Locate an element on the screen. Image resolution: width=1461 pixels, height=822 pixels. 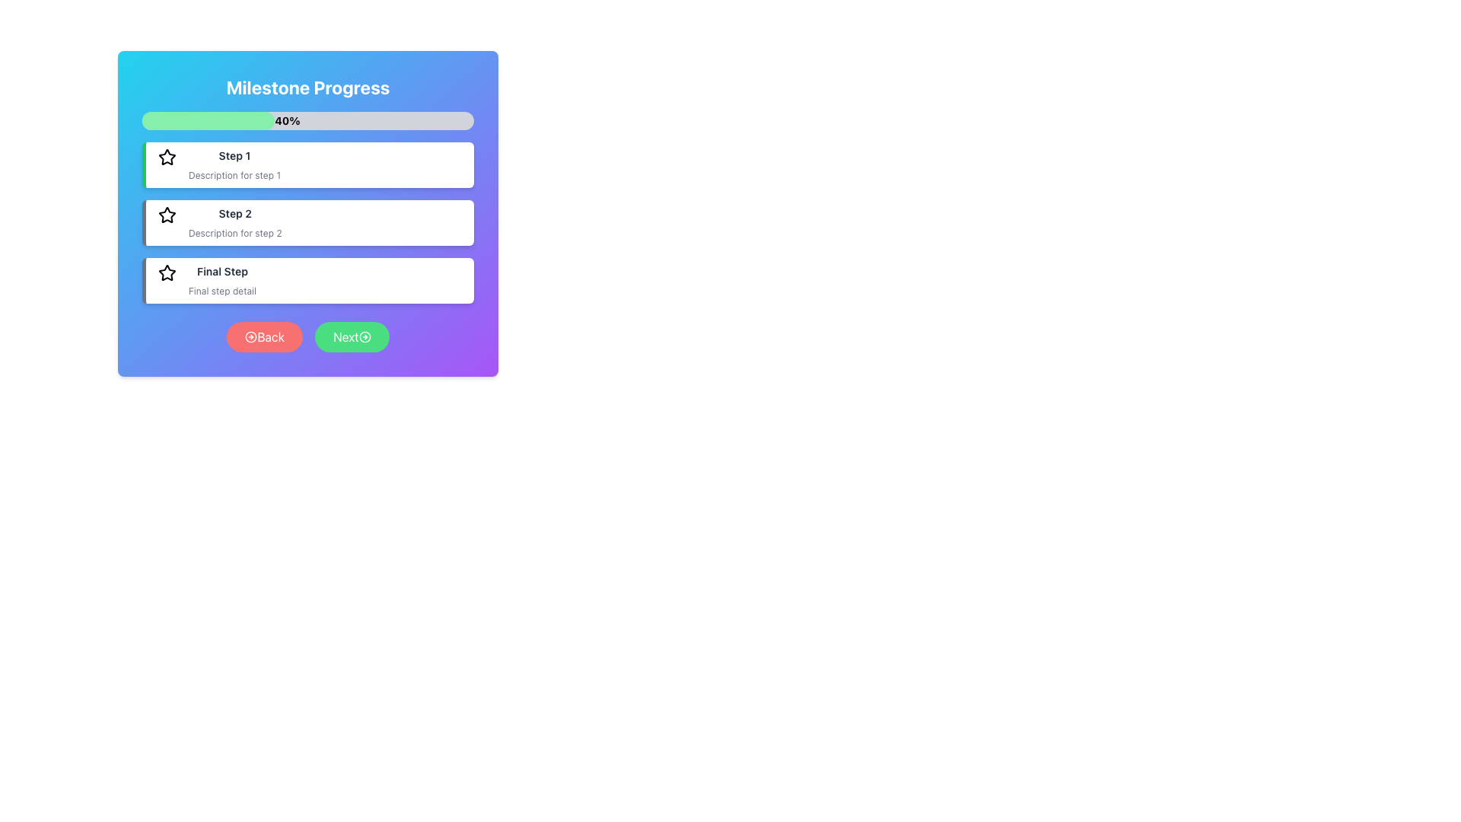
the decorative icon within the green 'Next' button to proceed to the next step in the interface workflow is located at coordinates (364, 336).